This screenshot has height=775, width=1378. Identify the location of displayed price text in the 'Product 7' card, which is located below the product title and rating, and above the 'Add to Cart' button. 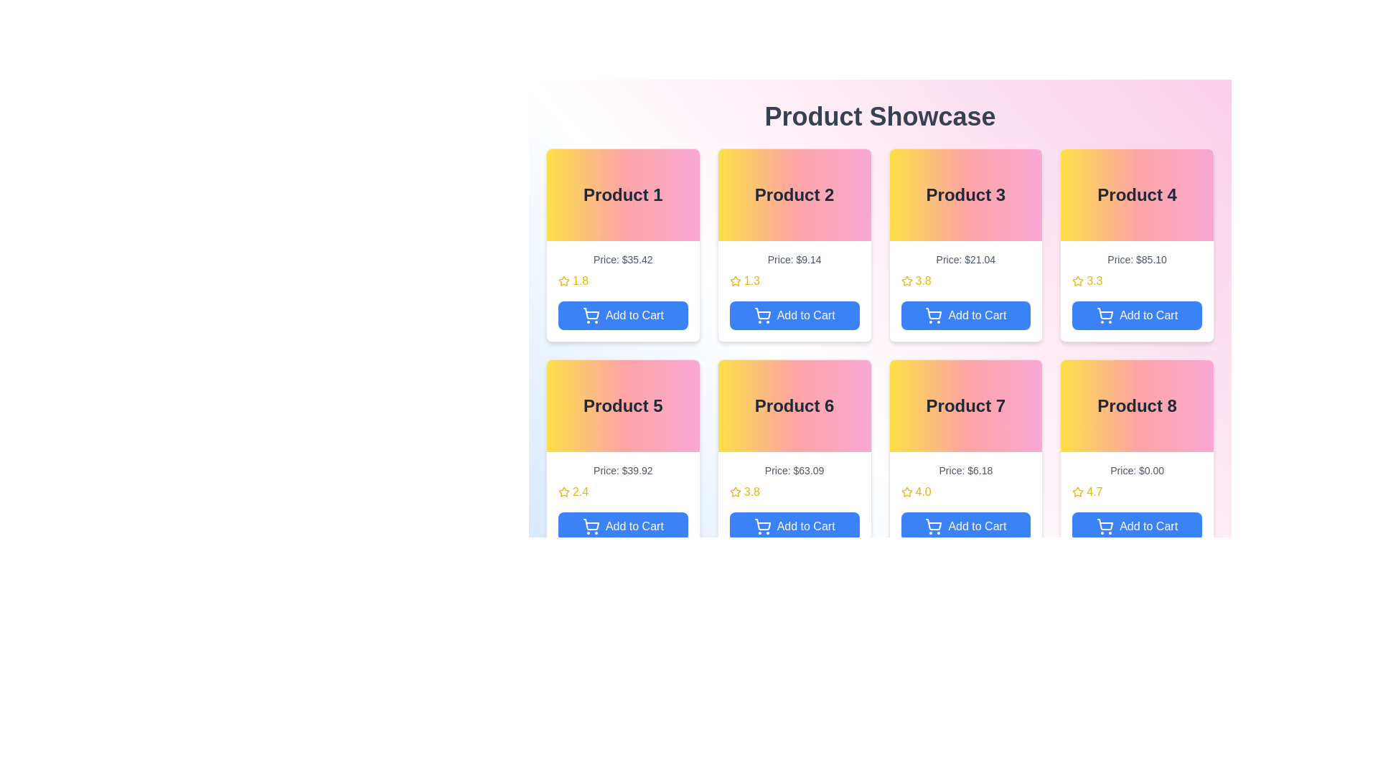
(965, 470).